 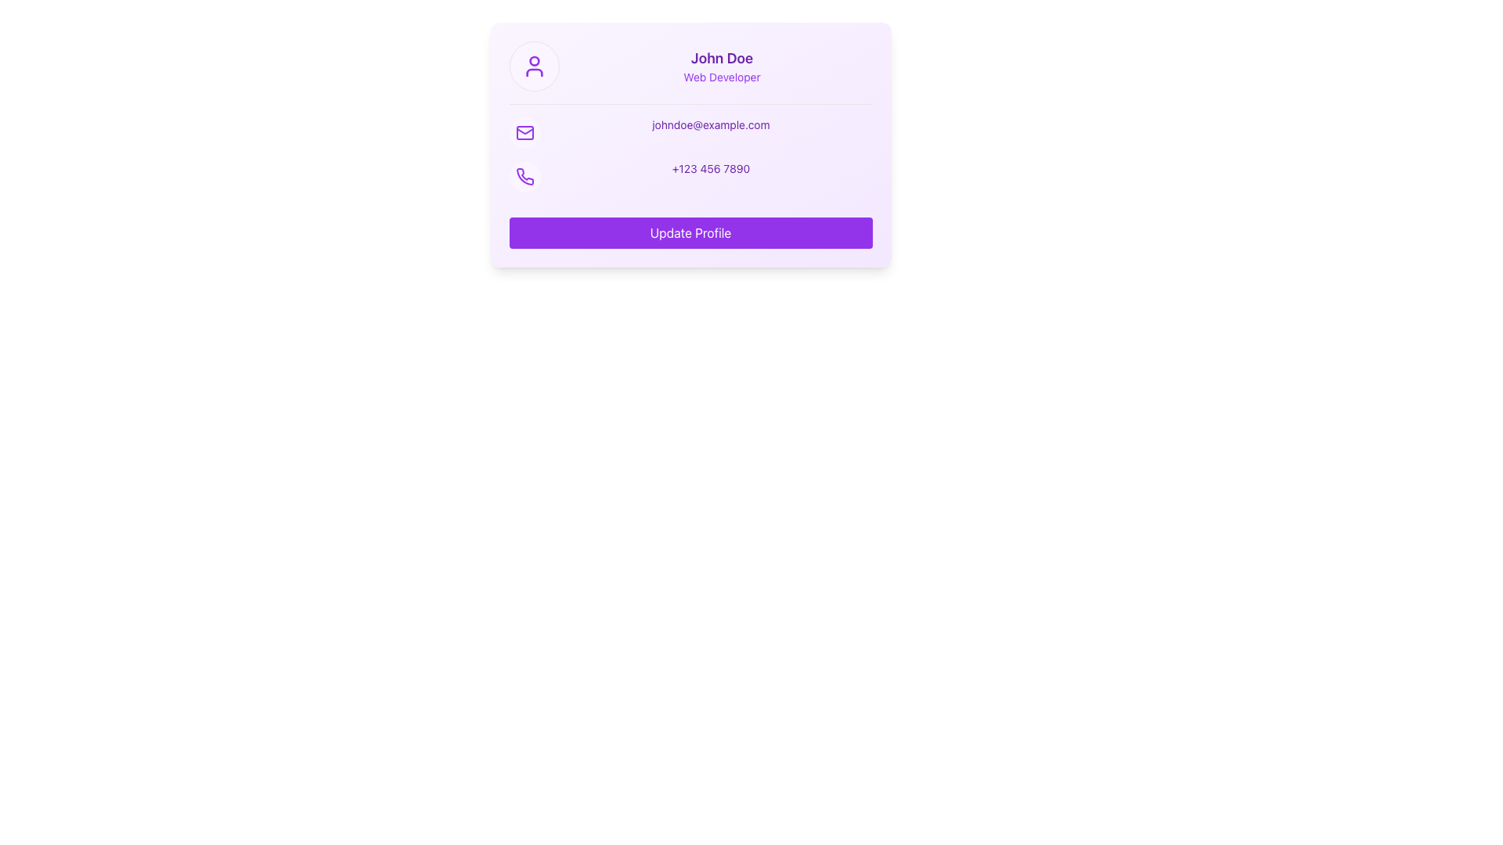 I want to click on the circular graphical element with a red fill that is located at the head portion of the user icon in the user profile section, so click(x=534, y=60).